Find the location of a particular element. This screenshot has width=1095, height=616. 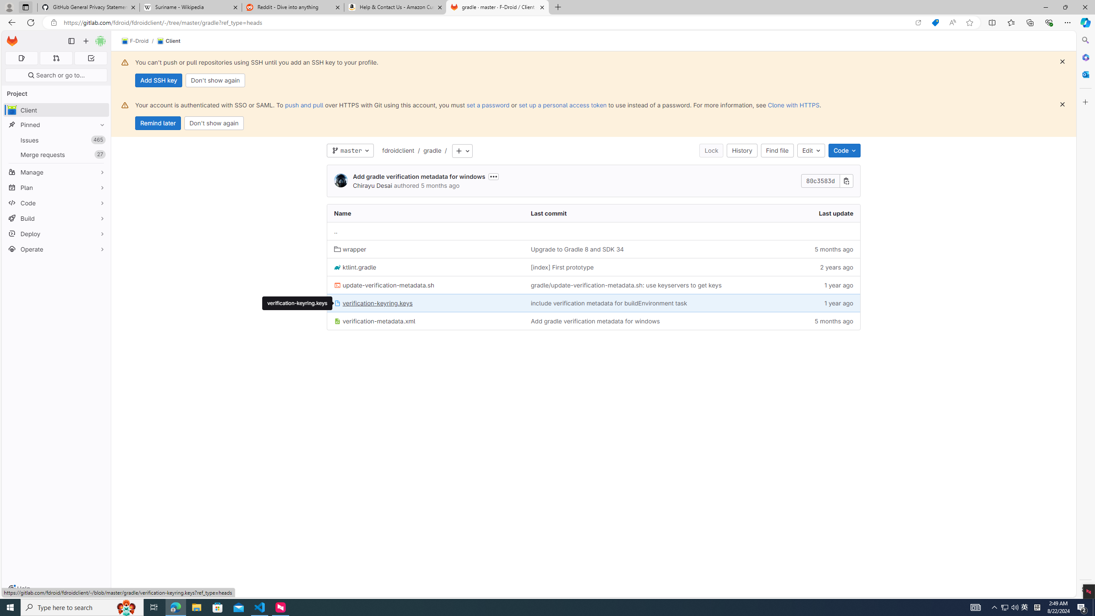

'Copy commit SHA' is located at coordinates (846, 181).